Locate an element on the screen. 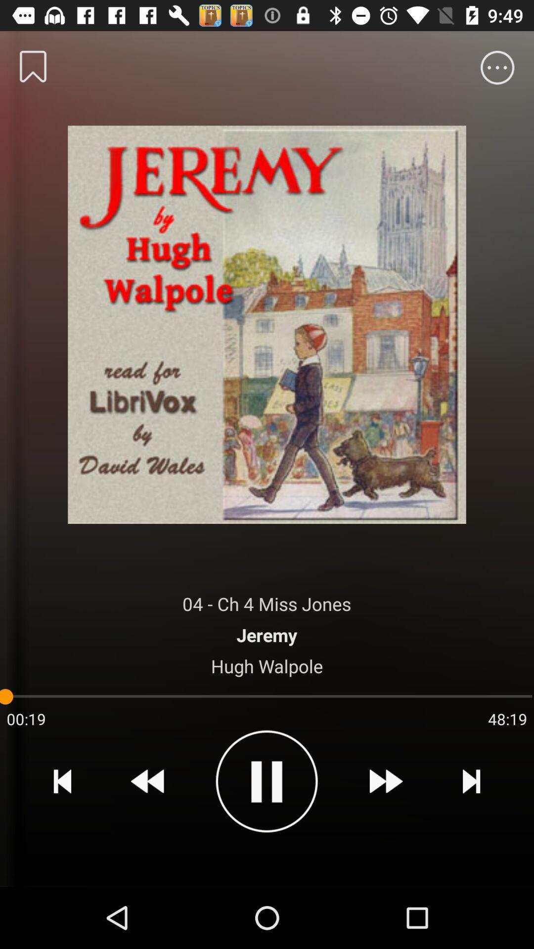 This screenshot has width=534, height=949. the item below the 48:19 item is located at coordinates (471, 780).